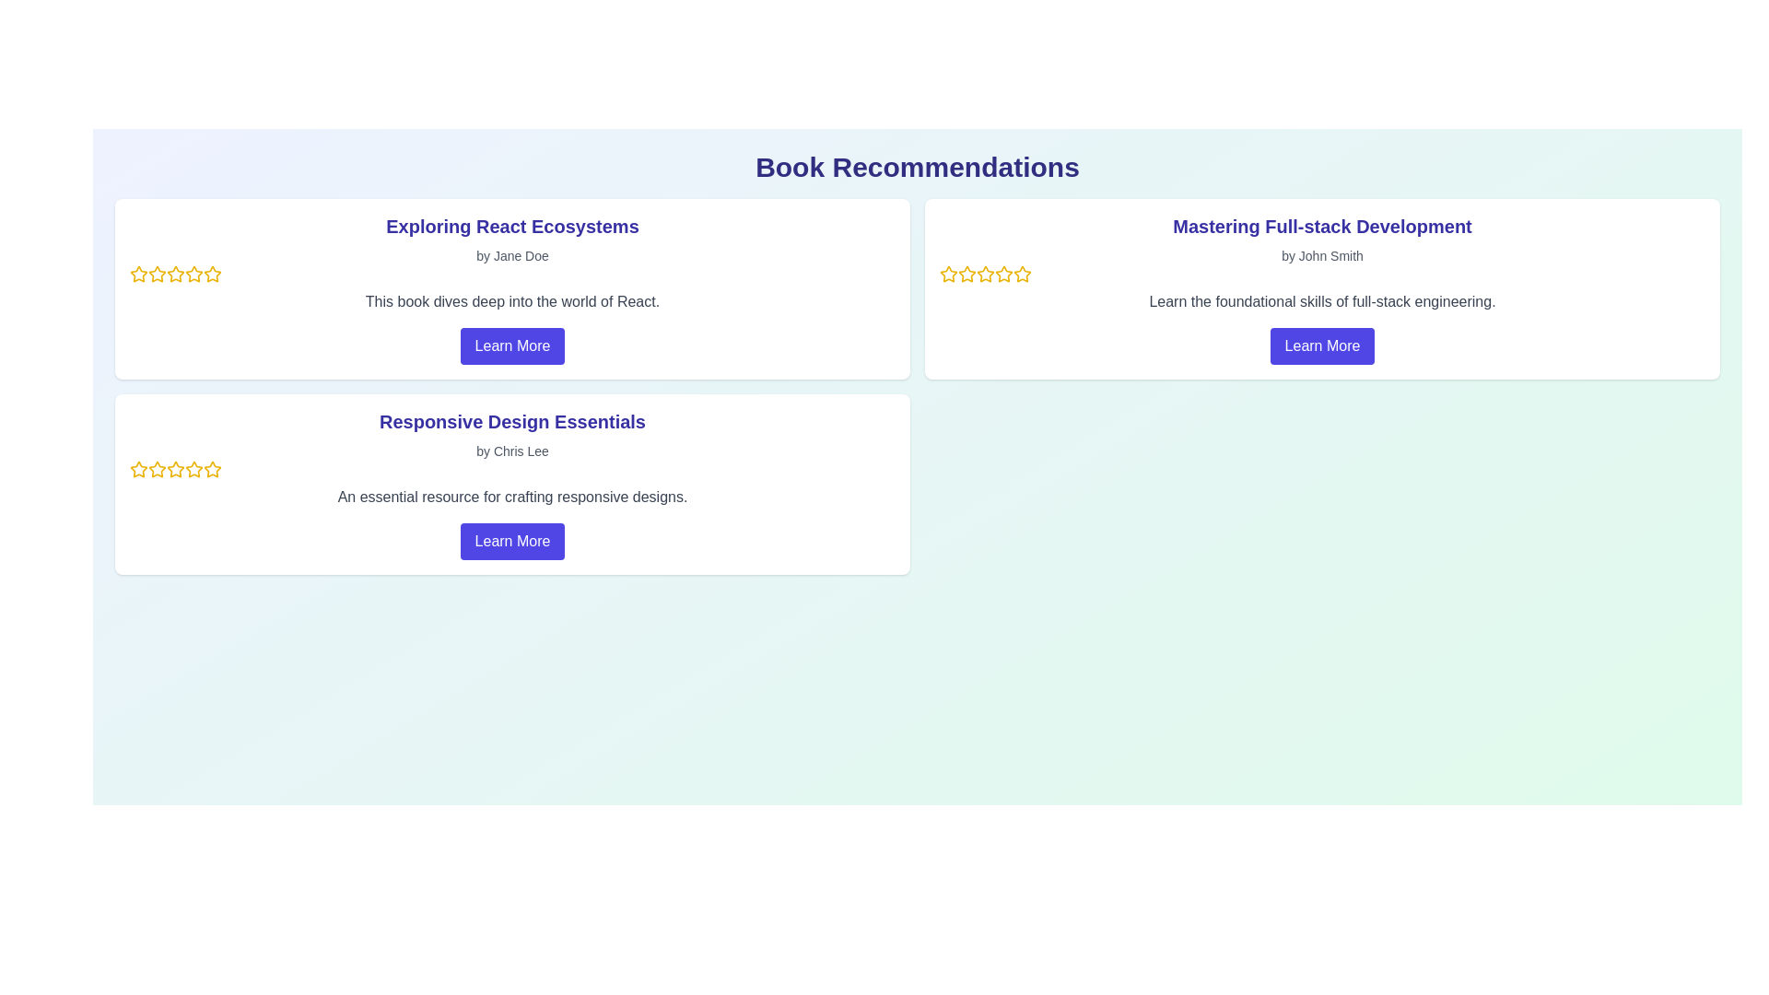 Image resolution: width=1769 pixels, height=995 pixels. Describe the element at coordinates (212, 274) in the screenshot. I see `the fourth rating star icon, which is a hollow yellow-bordered star representing an unselected rating for the item 'Exploring React Ecosystems'` at that location.